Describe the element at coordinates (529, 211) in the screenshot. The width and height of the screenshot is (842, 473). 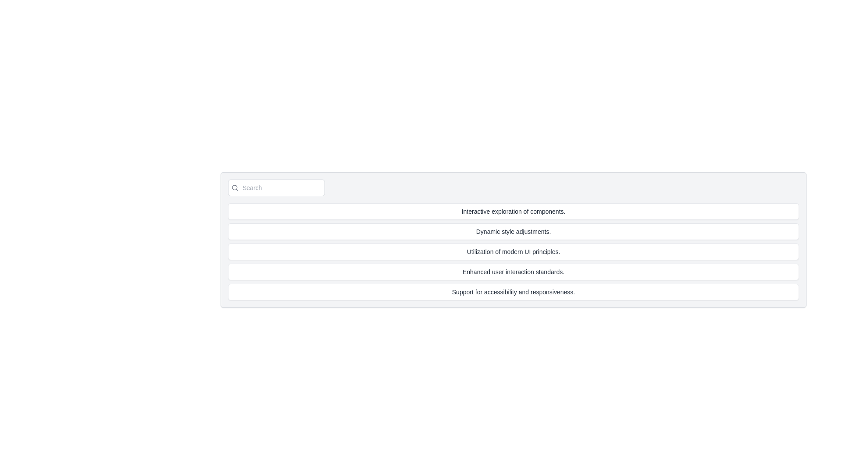
I see `the small blank space in the sentence 'Interactive exploration of components.' located after 'of' in the top-left section of the interface` at that location.